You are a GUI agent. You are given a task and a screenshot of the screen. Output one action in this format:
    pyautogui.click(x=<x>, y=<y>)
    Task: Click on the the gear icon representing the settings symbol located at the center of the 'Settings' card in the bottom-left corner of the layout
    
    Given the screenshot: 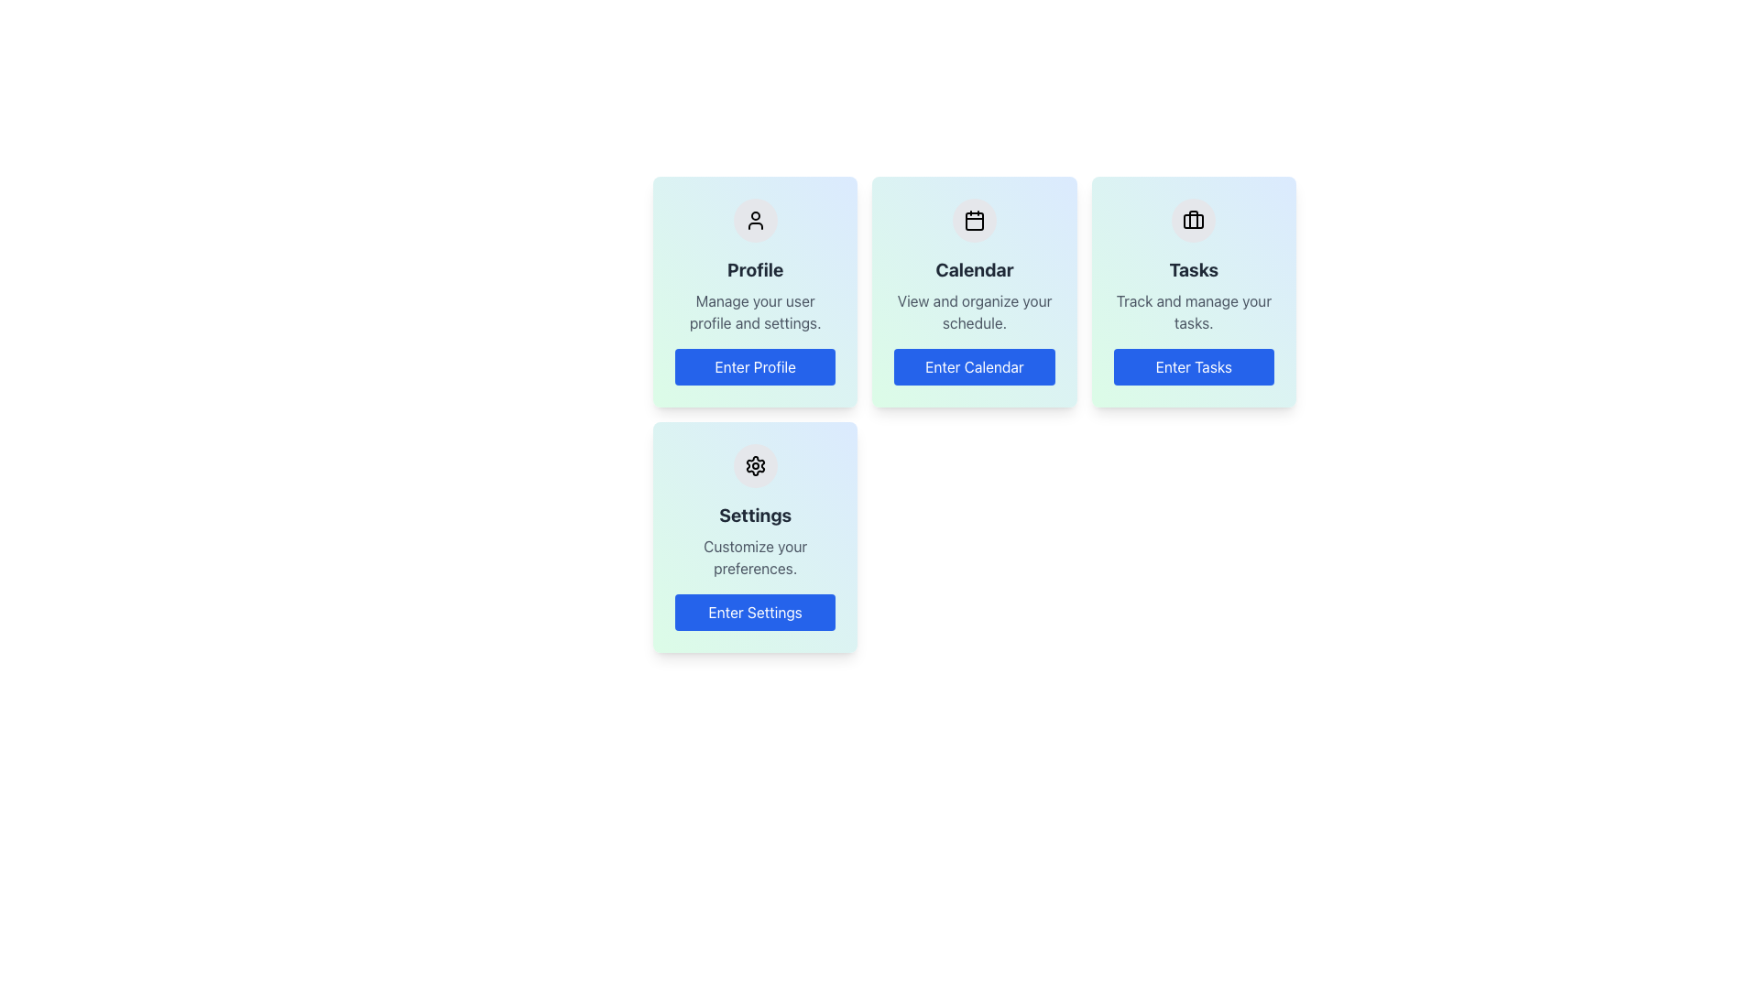 What is the action you would take?
    pyautogui.click(x=755, y=465)
    